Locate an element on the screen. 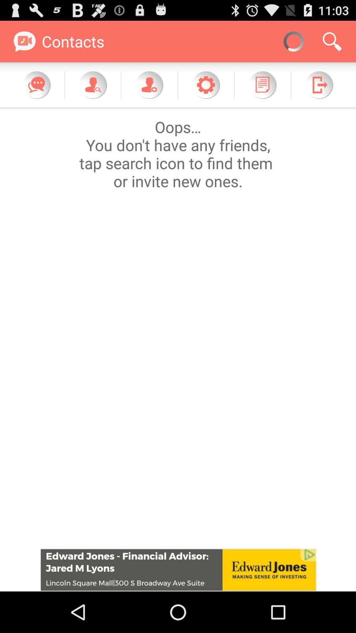 The image size is (356, 633). chat feature is located at coordinates (37, 84).